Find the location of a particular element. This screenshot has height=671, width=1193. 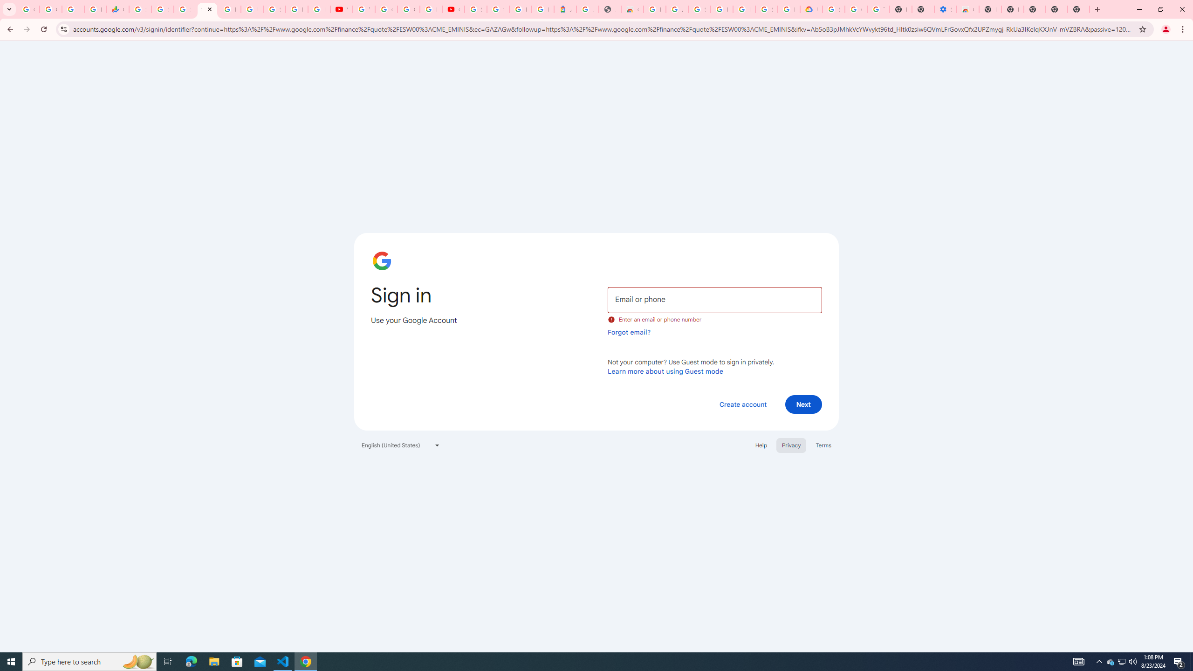

'Learn more about using Guest mode' is located at coordinates (665, 371).